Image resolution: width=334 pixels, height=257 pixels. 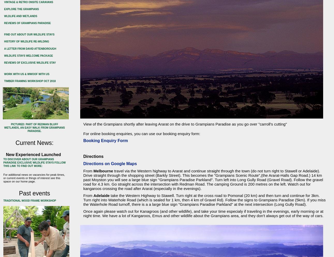 I want to click on 'Adelaide', so click(x=101, y=195).